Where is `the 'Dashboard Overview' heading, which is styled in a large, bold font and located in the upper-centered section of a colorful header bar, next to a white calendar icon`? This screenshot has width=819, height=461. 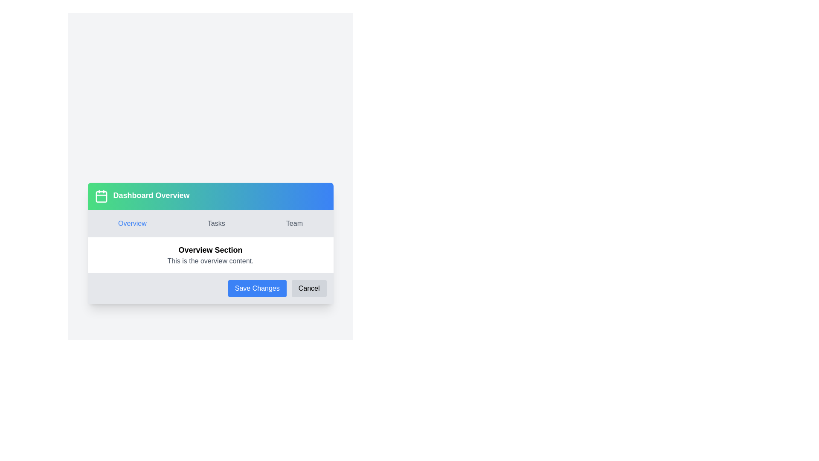
the 'Dashboard Overview' heading, which is styled in a large, bold font and located in the upper-centered section of a colorful header bar, next to a white calendar icon is located at coordinates (151, 196).